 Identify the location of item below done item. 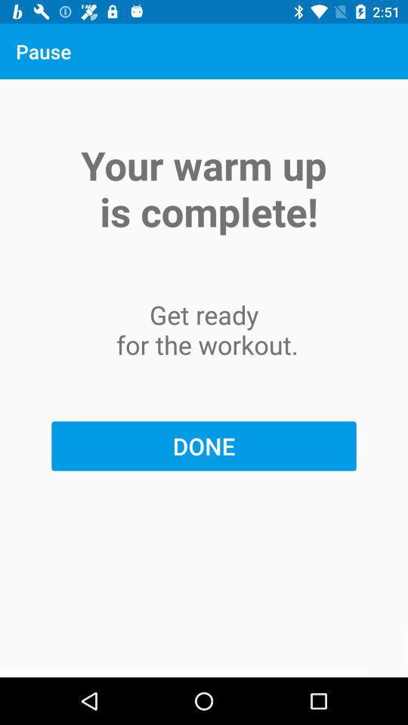
(204, 652).